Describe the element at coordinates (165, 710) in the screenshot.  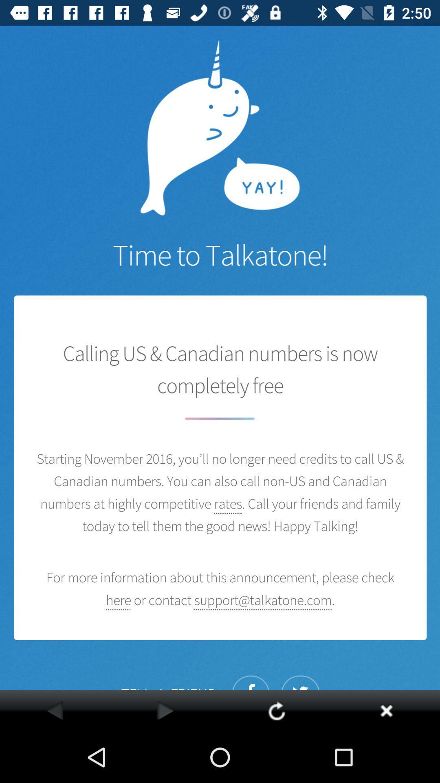
I see `next` at that location.